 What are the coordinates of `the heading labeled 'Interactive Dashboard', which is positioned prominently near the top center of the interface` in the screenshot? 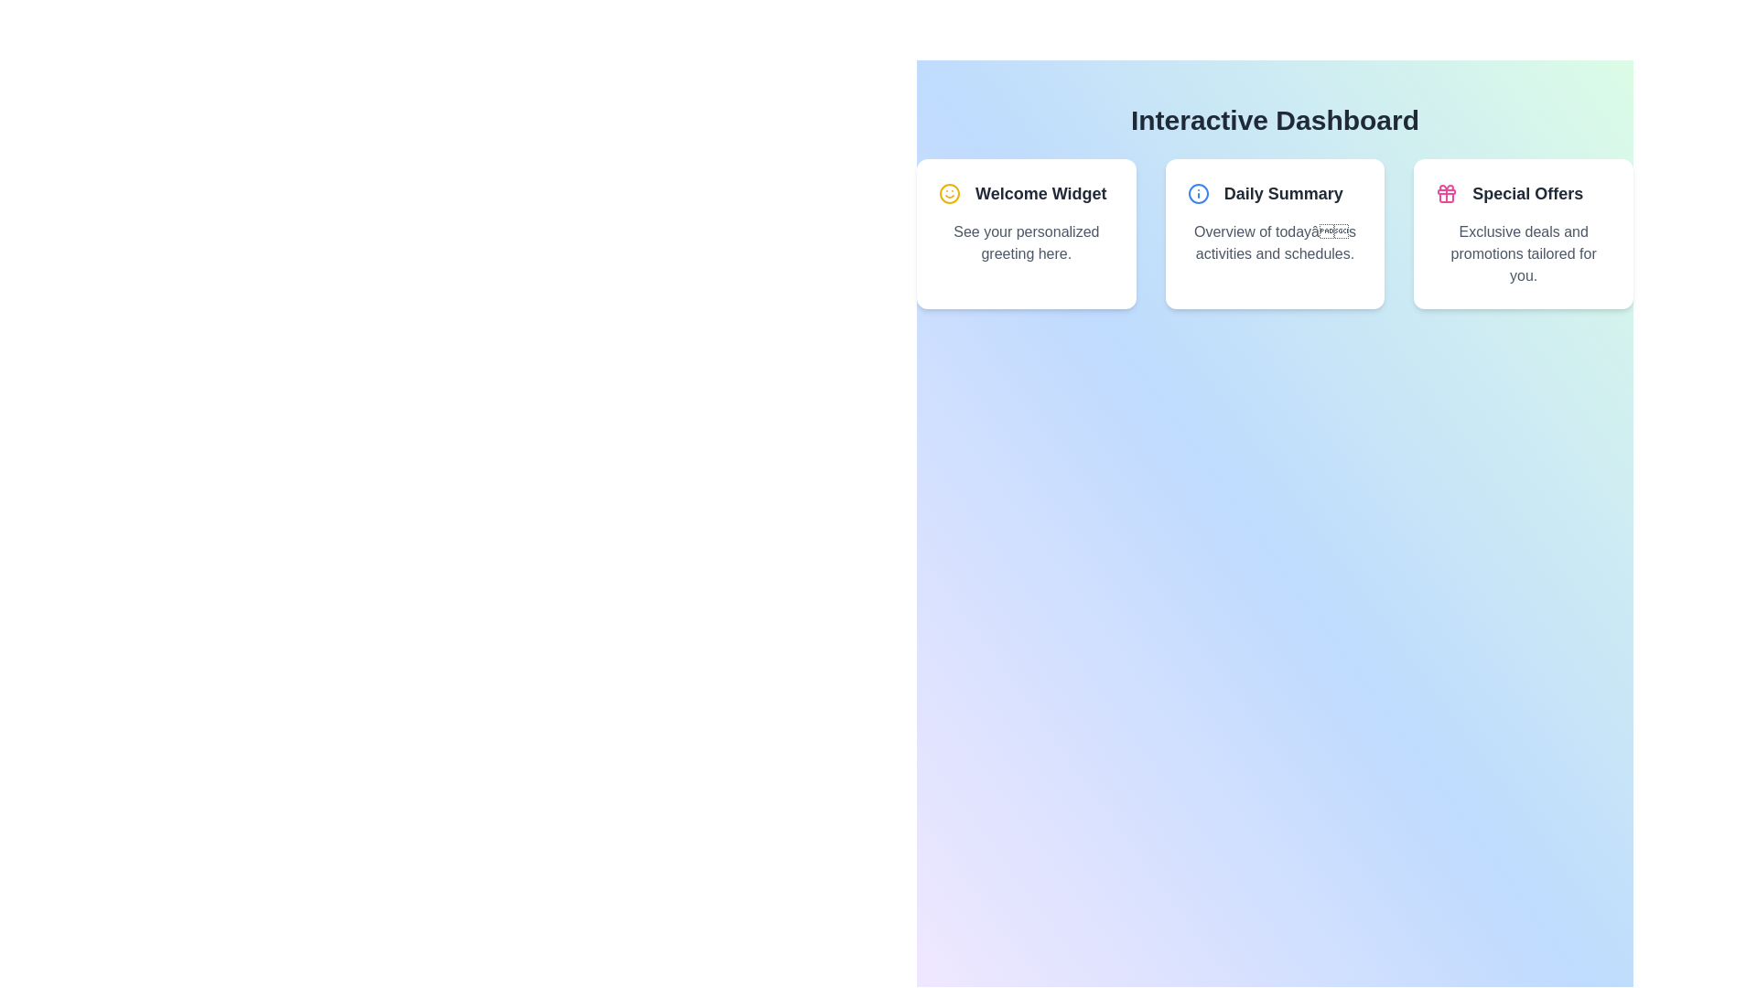 It's located at (1274, 120).